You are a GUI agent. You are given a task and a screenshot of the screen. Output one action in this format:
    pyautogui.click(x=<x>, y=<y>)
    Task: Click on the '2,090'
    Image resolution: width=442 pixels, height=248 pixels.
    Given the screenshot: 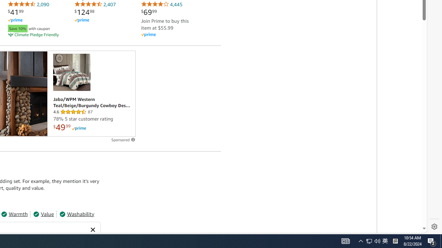 What is the action you would take?
    pyautogui.click(x=28, y=4)
    